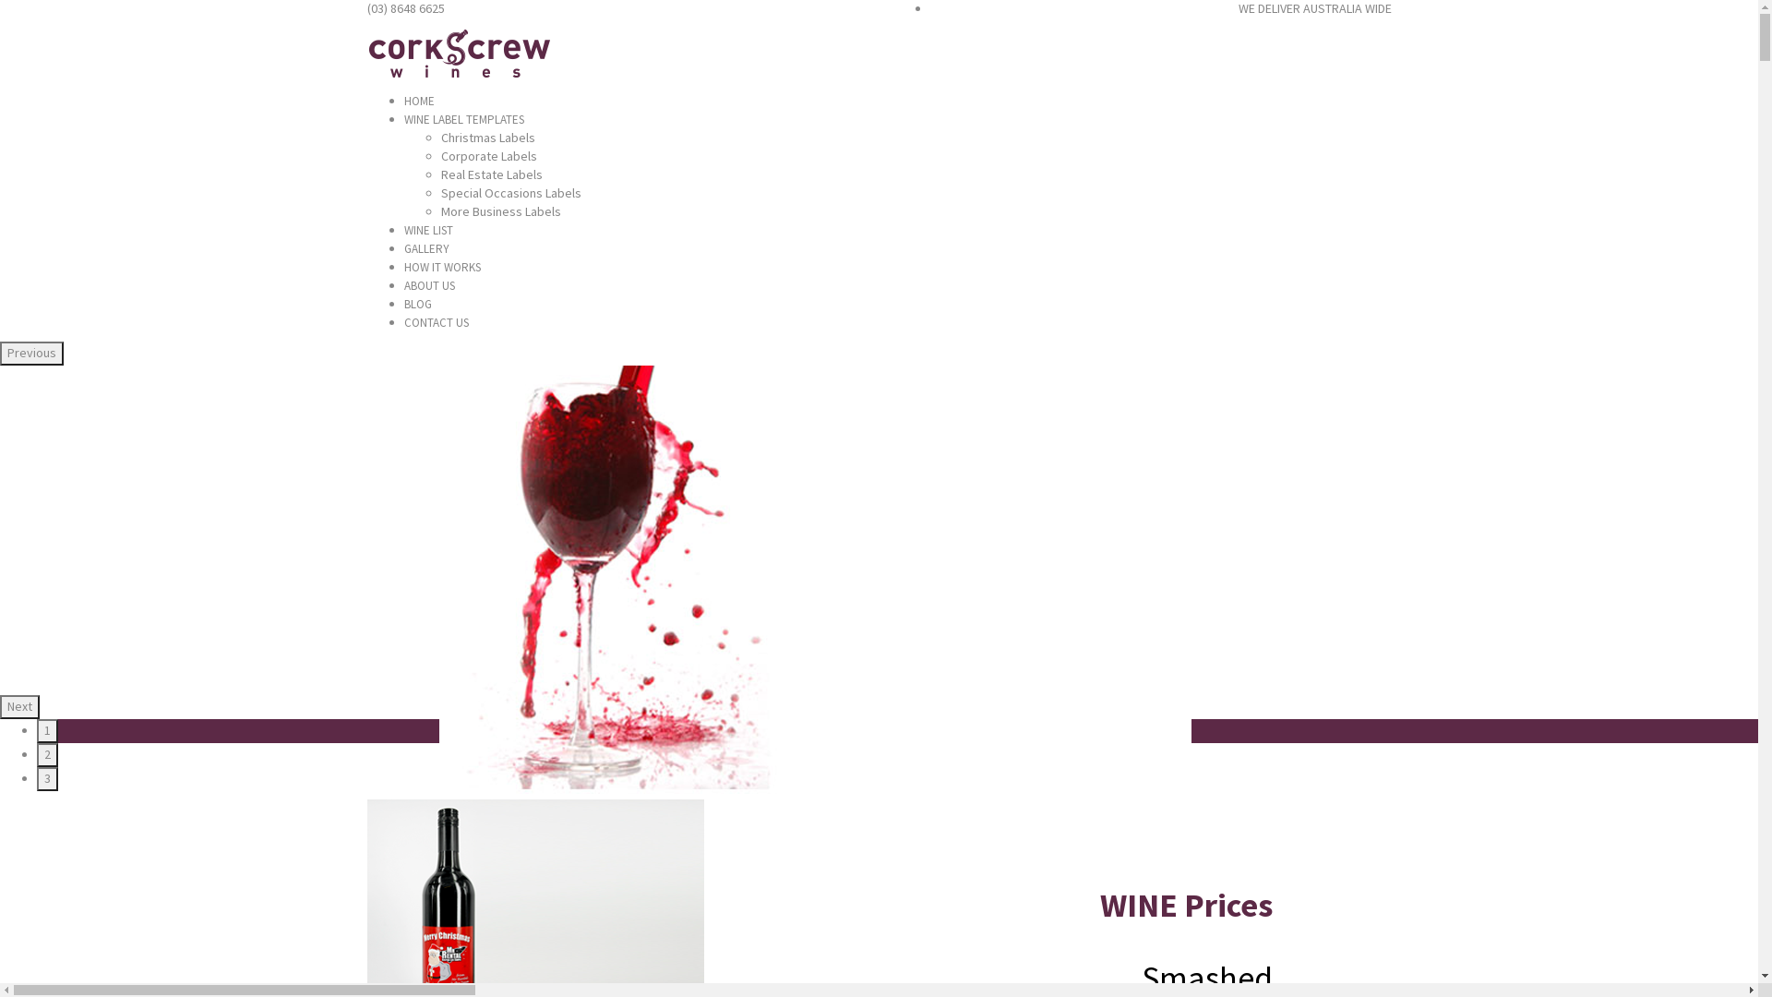 The image size is (1772, 997). I want to click on 'Next', so click(19, 706).